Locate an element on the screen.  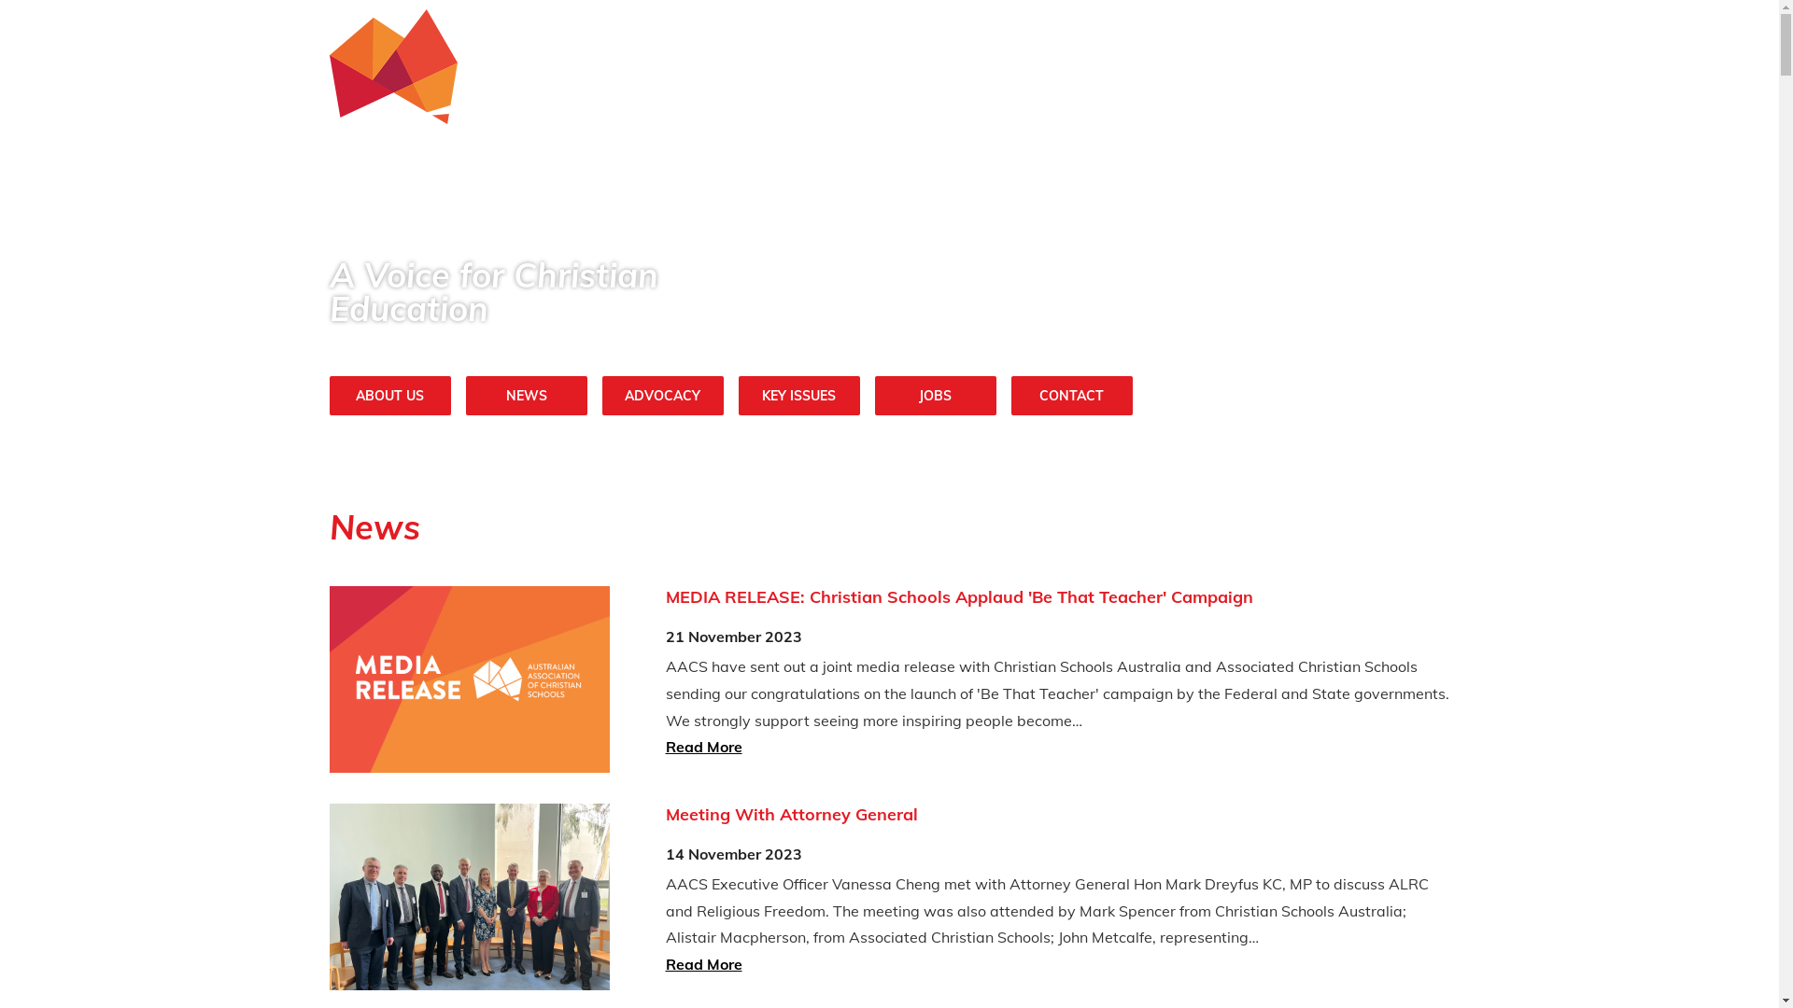
'ADVOCACY' is located at coordinates (662, 394).